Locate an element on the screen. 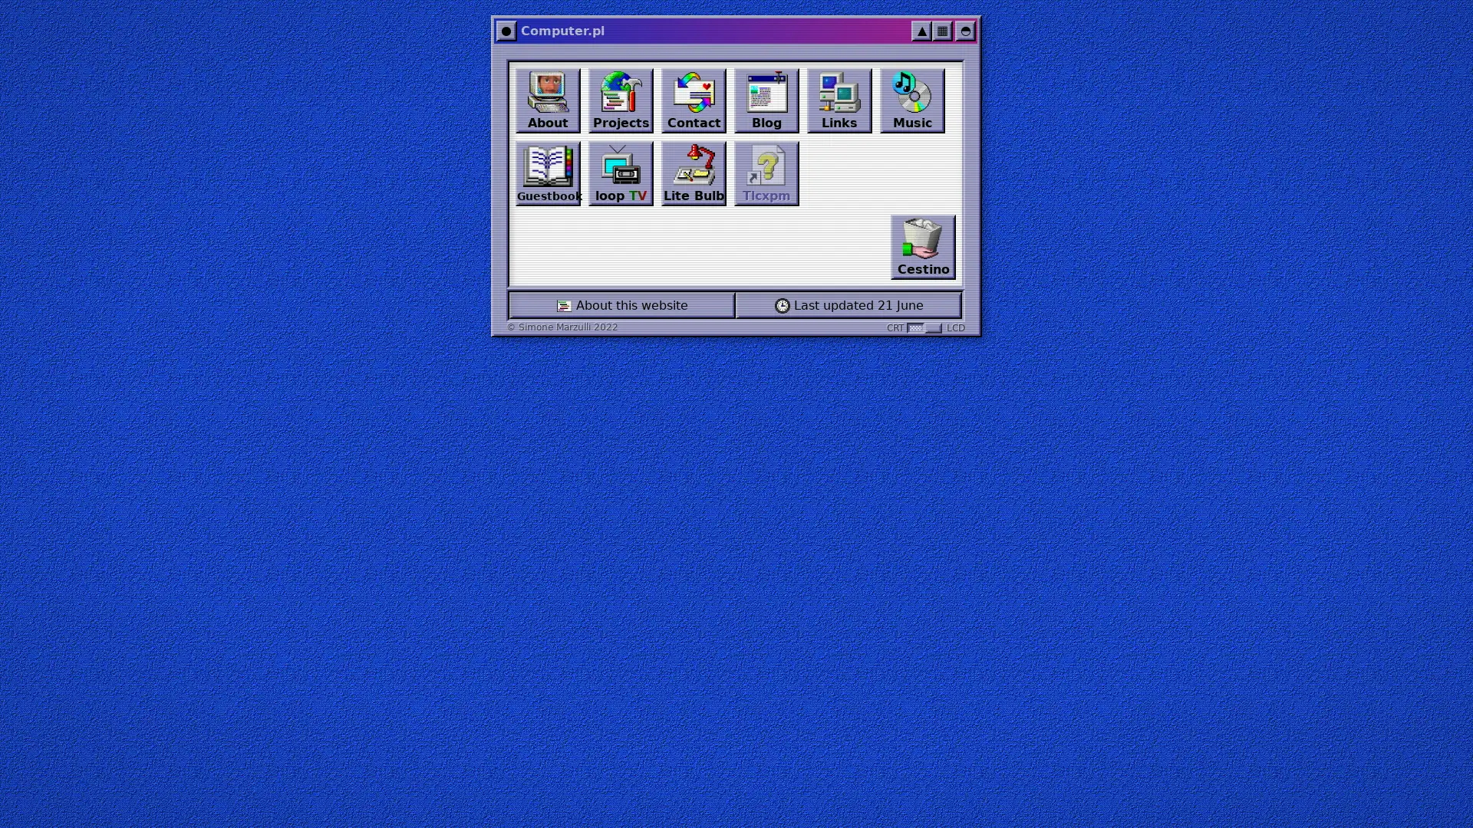 This screenshot has height=828, width=1473. links Links is located at coordinates (839, 100).